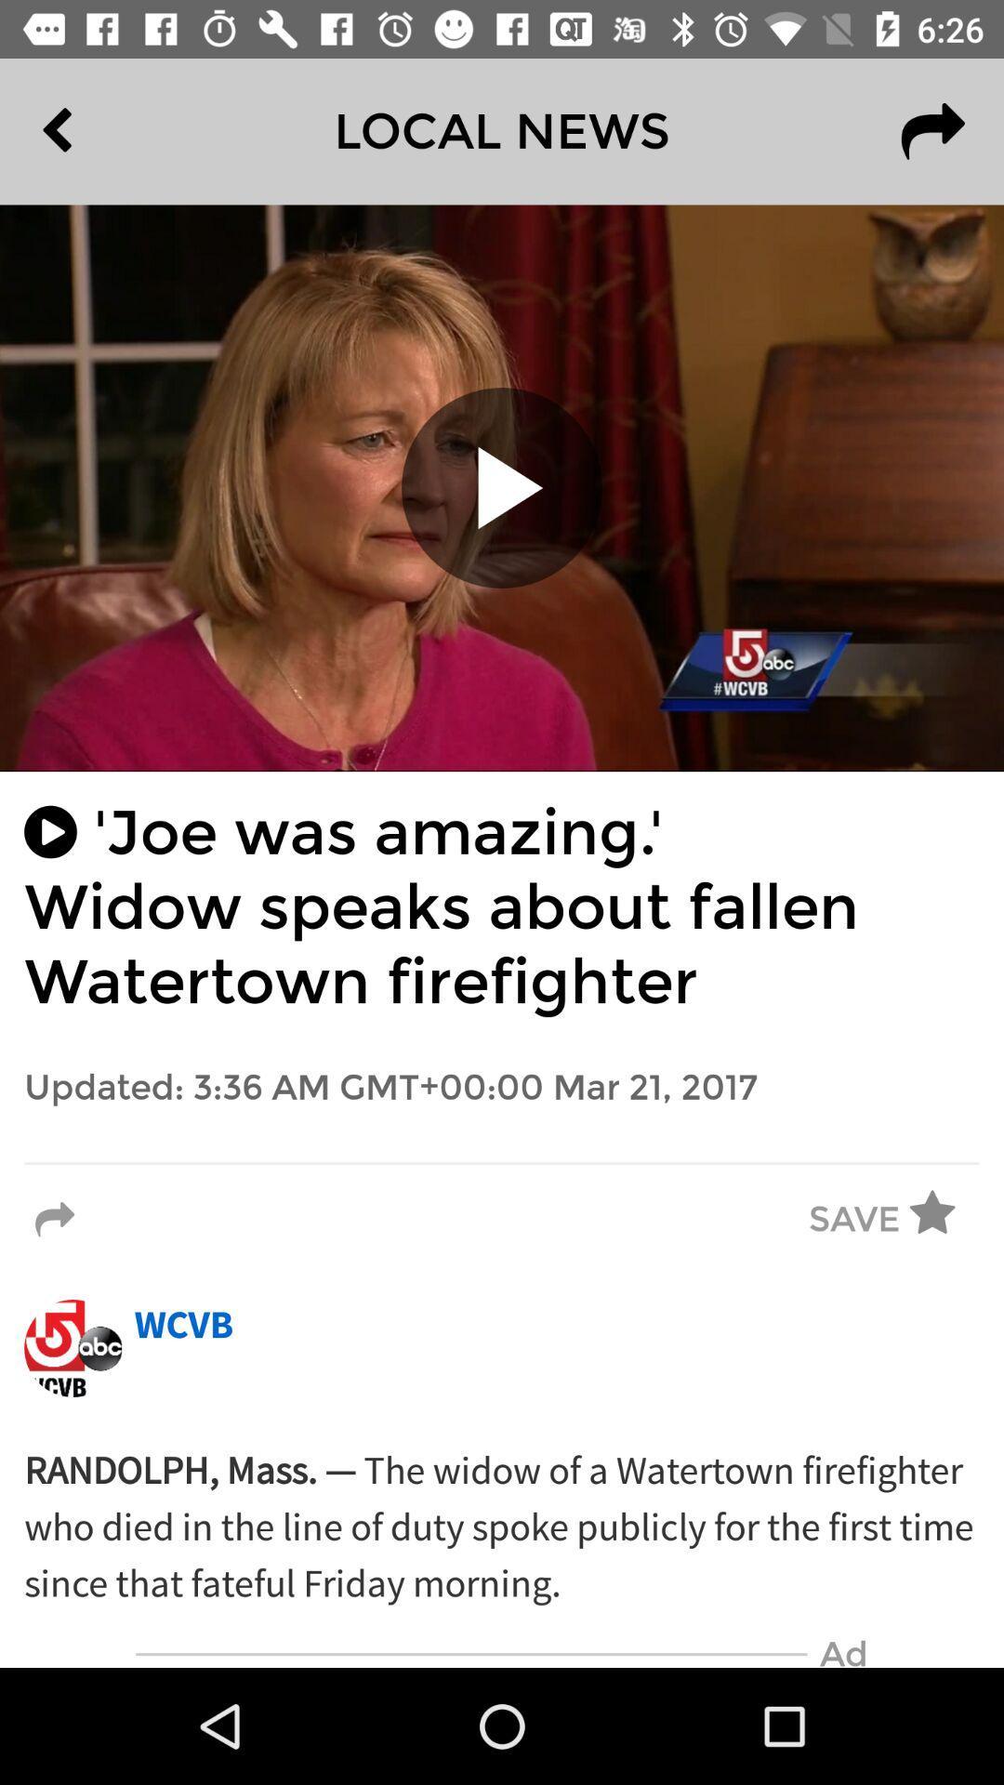 This screenshot has height=1785, width=1004. What do you see at coordinates (932, 130) in the screenshot?
I see `the redo icon` at bounding box center [932, 130].